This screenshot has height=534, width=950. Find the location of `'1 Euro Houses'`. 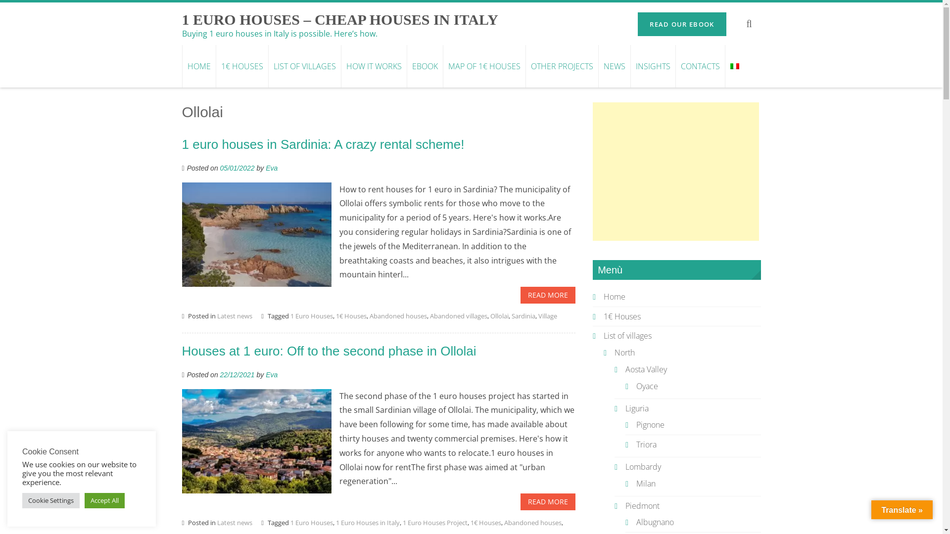

'1 Euro Houses' is located at coordinates (311, 522).